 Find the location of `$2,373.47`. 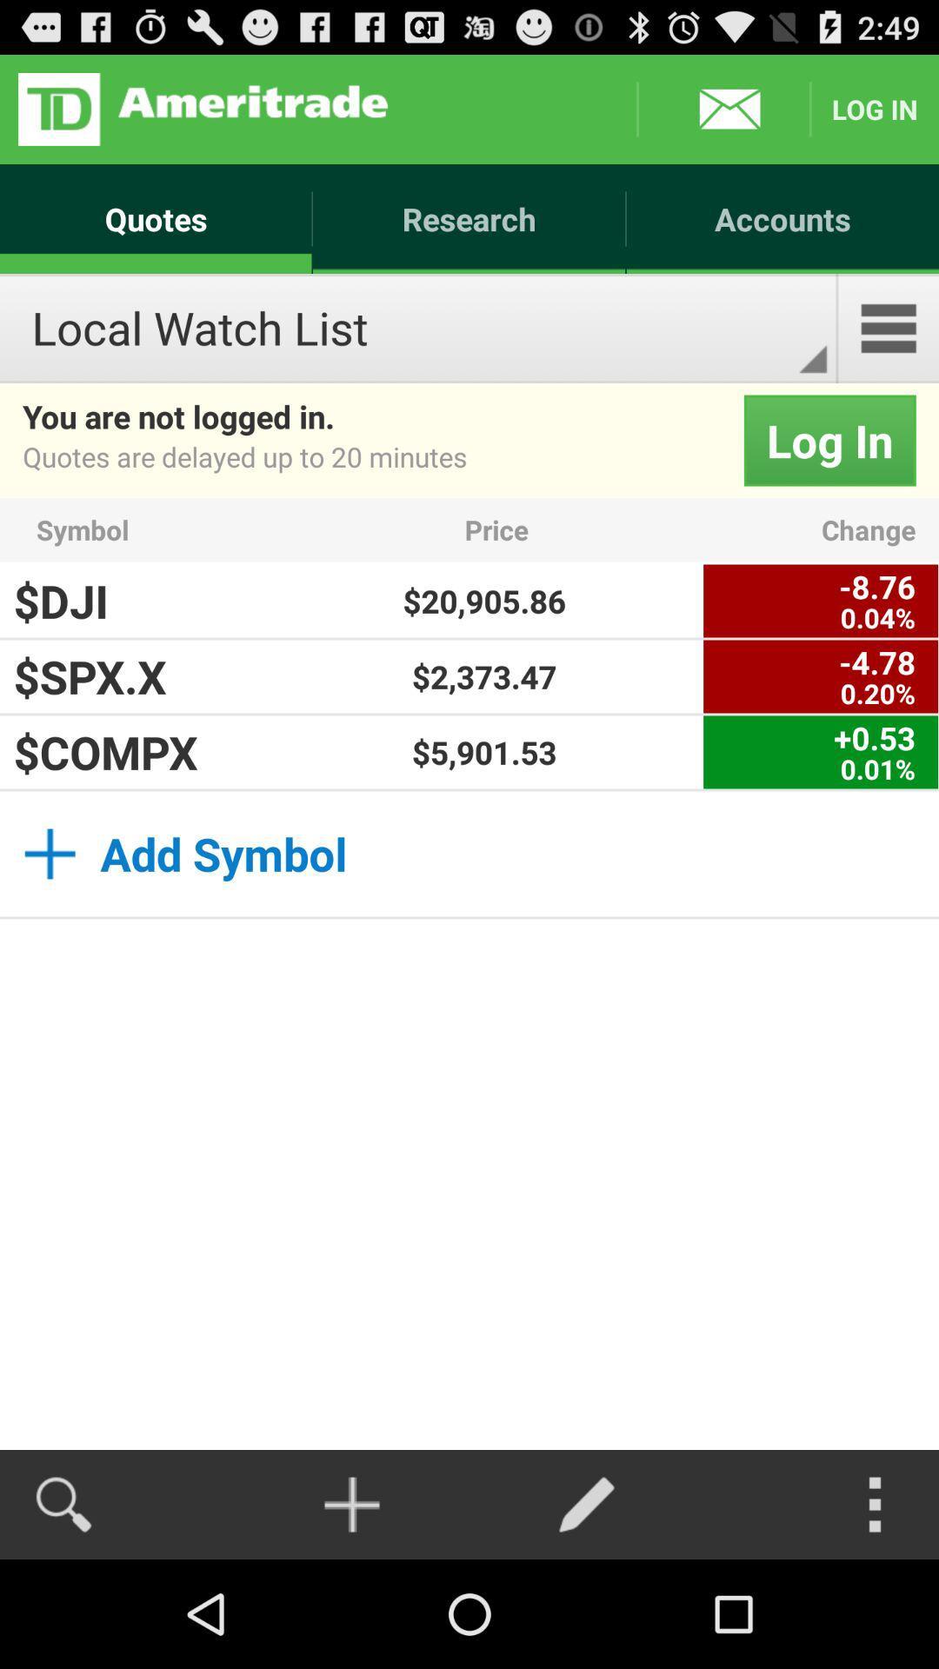

$2,373.47 is located at coordinates (484, 675).